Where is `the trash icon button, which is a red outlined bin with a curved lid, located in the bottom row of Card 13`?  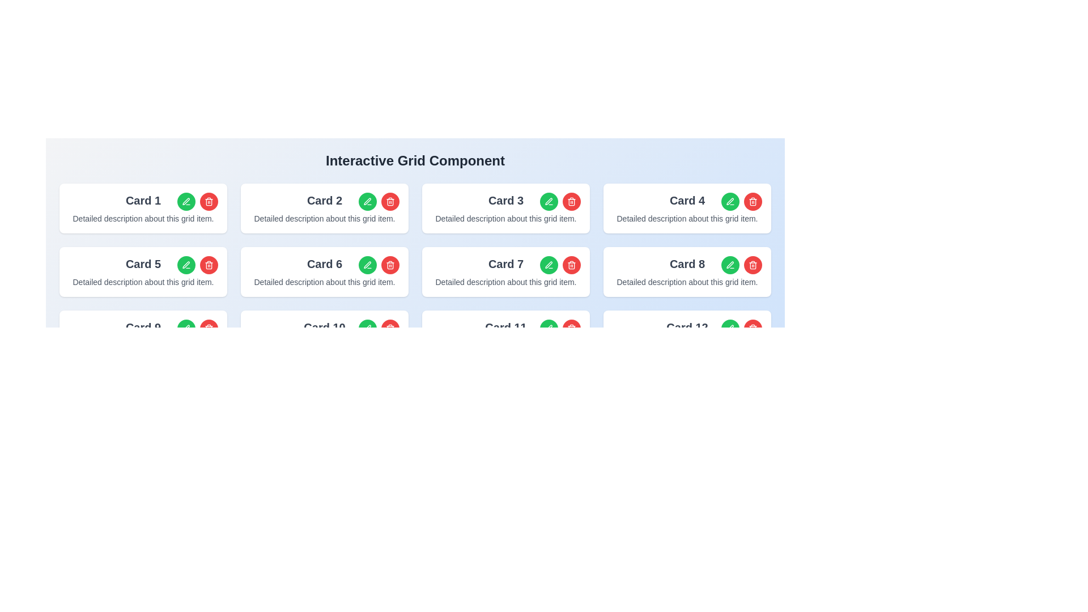
the trash icon button, which is a red outlined bin with a curved lid, located in the bottom row of Card 13 is located at coordinates (571, 328).